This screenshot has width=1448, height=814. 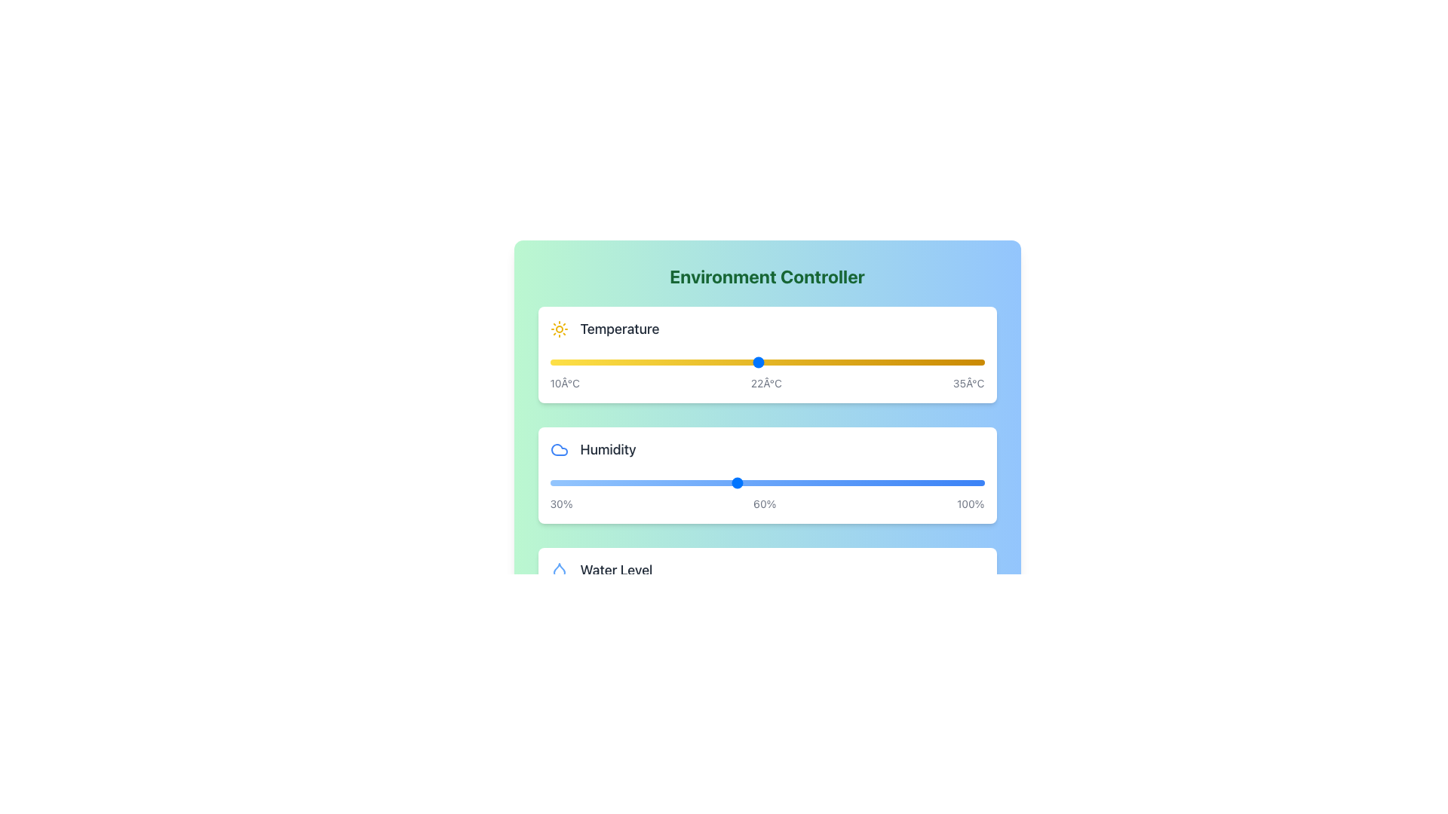 What do you see at coordinates (767, 503) in the screenshot?
I see `the Text label that indicates percentage values (30%, 60%, 100%) below the slider bar in the 'Humidity' panel` at bounding box center [767, 503].